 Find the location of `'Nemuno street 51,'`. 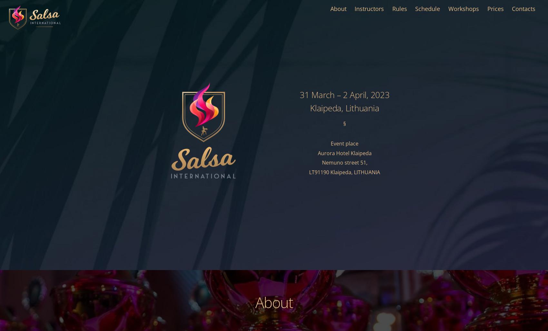

'Nemuno street 51,' is located at coordinates (344, 162).